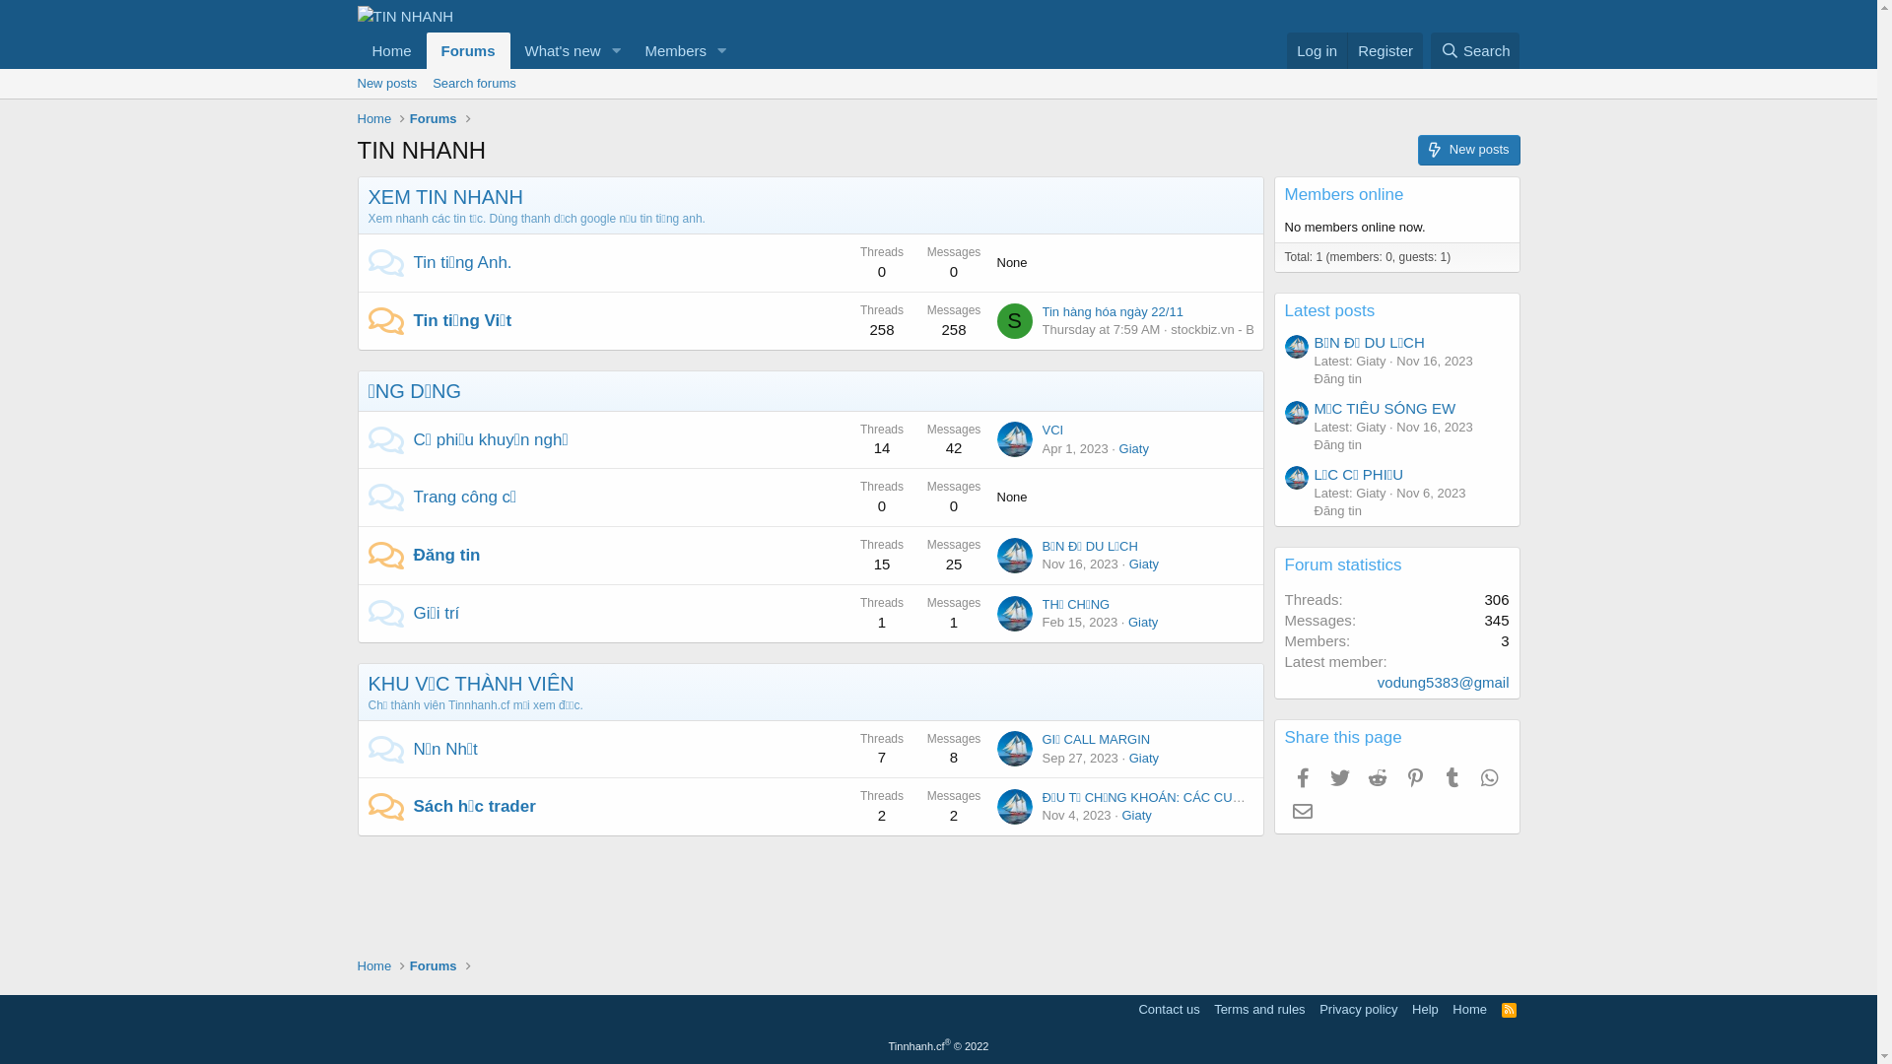 The height and width of the screenshot is (1064, 1892). I want to click on 'RSS', so click(1508, 1009).